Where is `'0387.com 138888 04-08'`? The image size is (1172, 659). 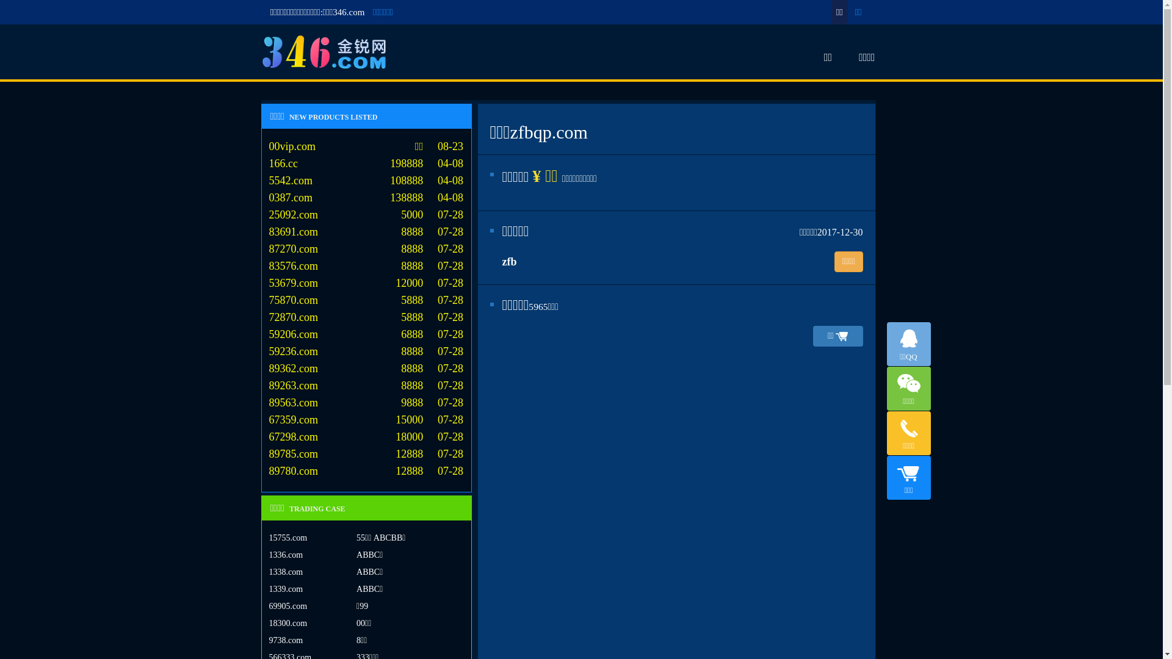
'0387.com 138888 04-08' is located at coordinates (365, 201).